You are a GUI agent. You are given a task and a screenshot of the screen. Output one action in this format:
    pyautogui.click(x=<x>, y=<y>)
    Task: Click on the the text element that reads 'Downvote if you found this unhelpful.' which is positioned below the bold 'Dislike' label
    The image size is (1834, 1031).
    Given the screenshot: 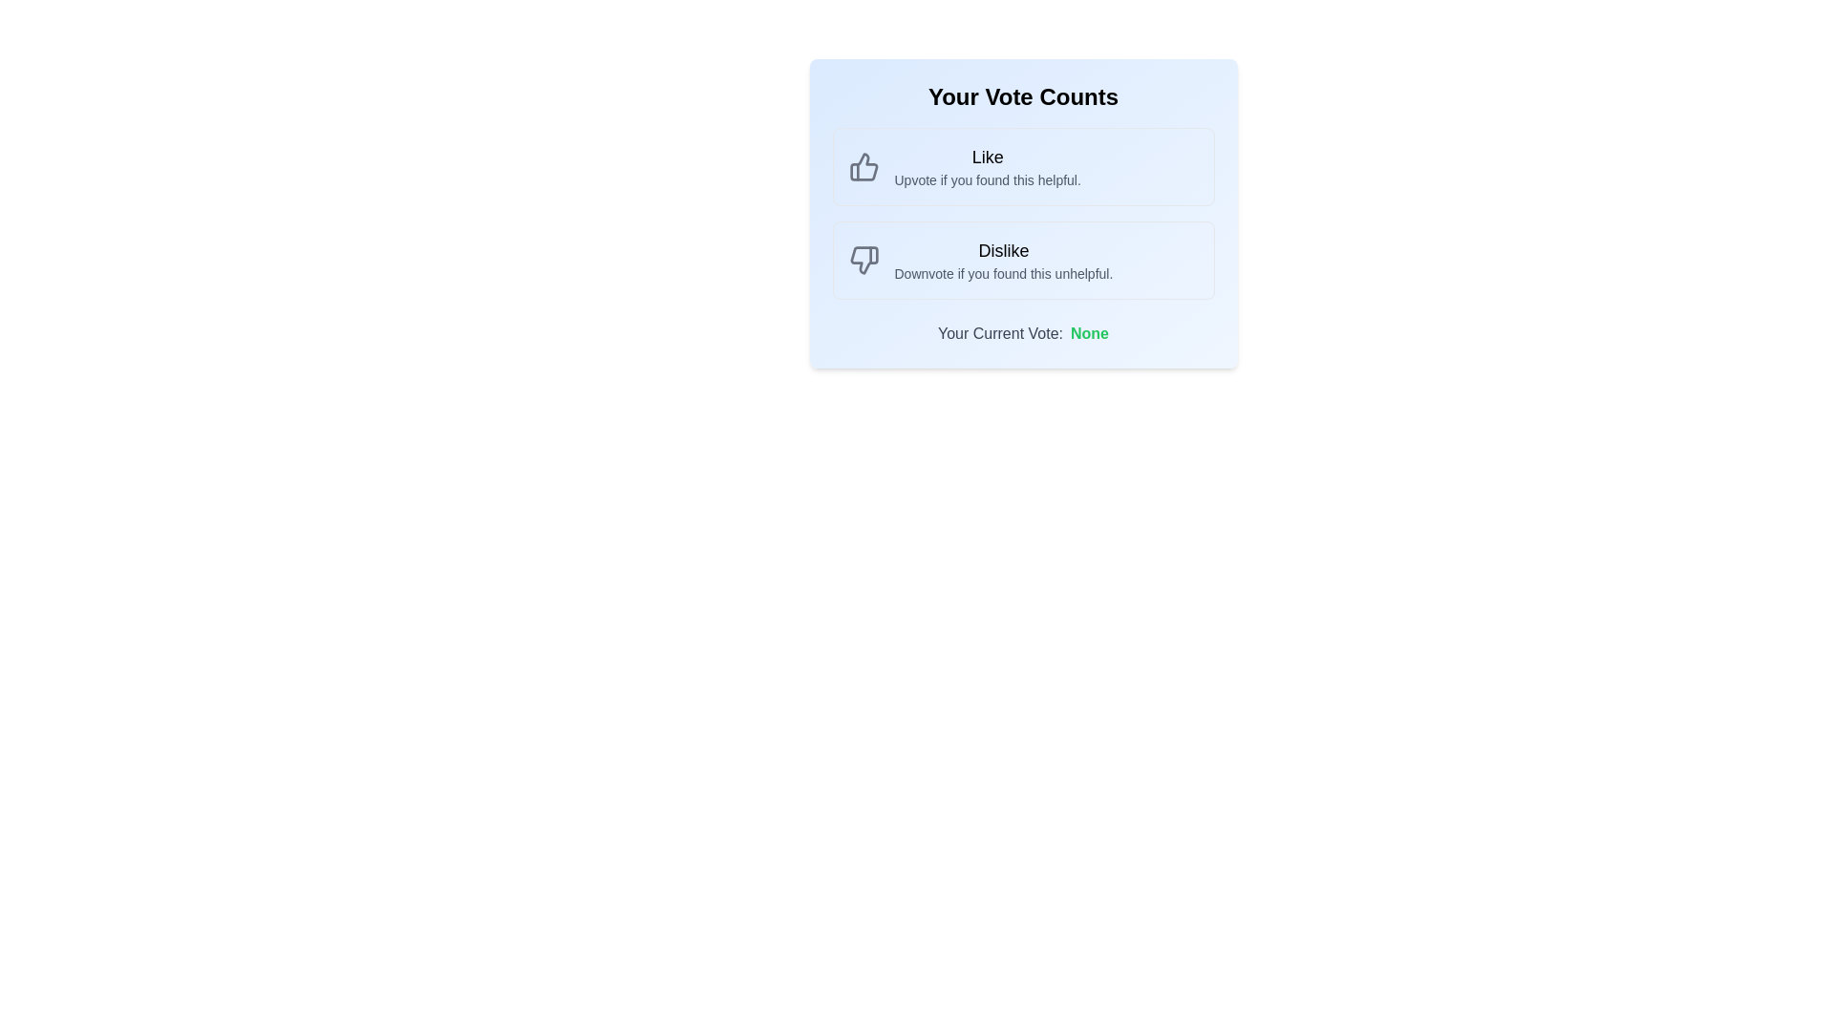 What is the action you would take?
    pyautogui.click(x=1002, y=273)
    